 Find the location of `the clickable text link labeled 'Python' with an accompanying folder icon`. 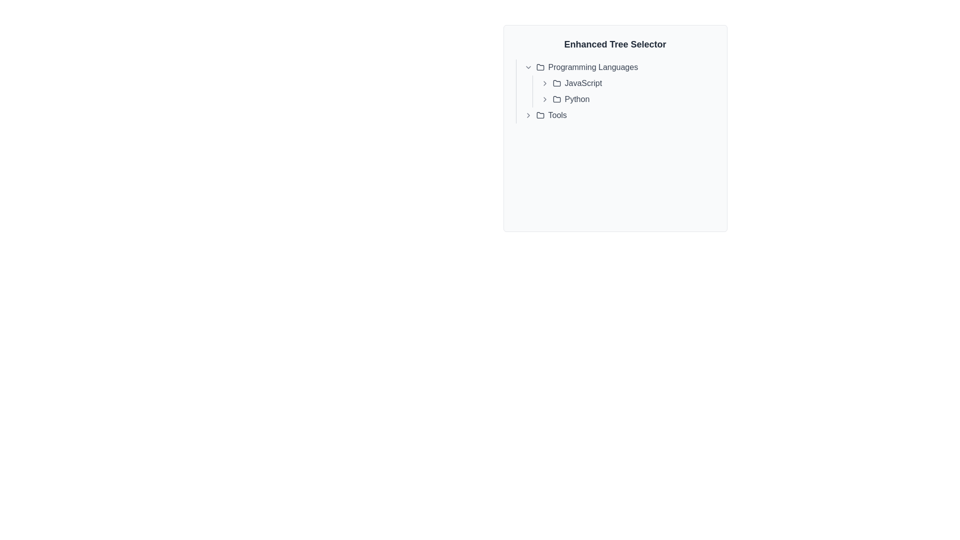

the clickable text link labeled 'Python' with an accompanying folder icon is located at coordinates (571, 99).